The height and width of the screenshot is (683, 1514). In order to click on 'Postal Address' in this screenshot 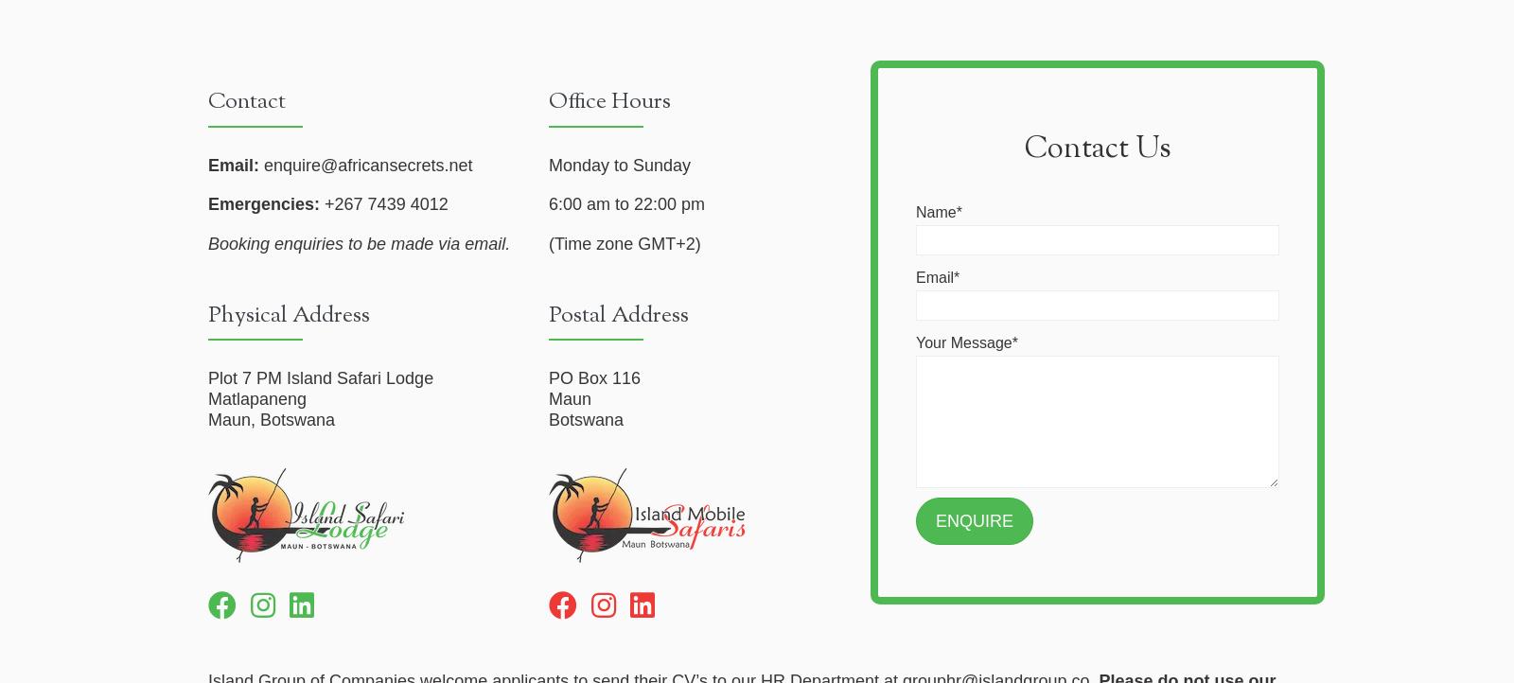, I will do `click(619, 313)`.